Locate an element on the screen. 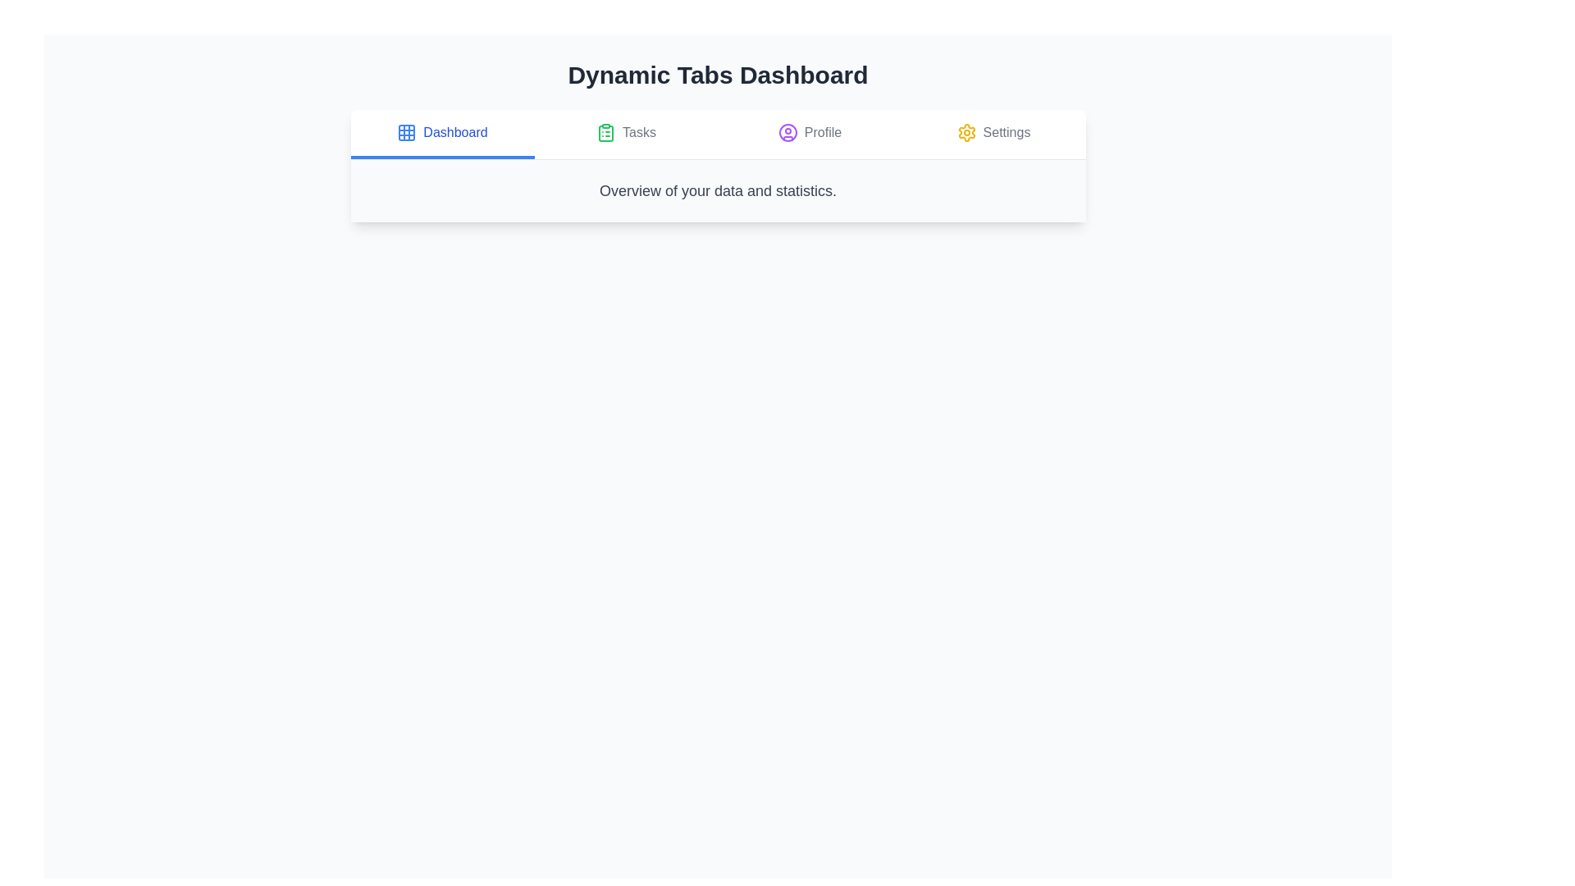  the 'Profile' navigation tab, which features a purple user profile icon and gray text is located at coordinates (810, 134).